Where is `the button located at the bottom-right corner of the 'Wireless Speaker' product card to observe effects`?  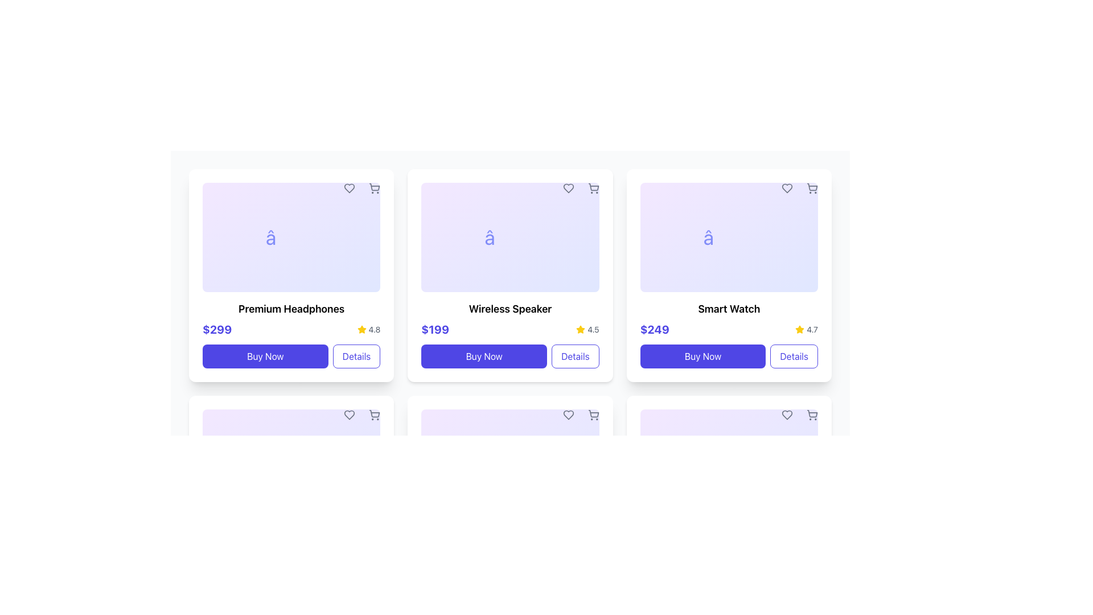 the button located at the bottom-right corner of the 'Wireless Speaker' product card to observe effects is located at coordinates (356, 583).